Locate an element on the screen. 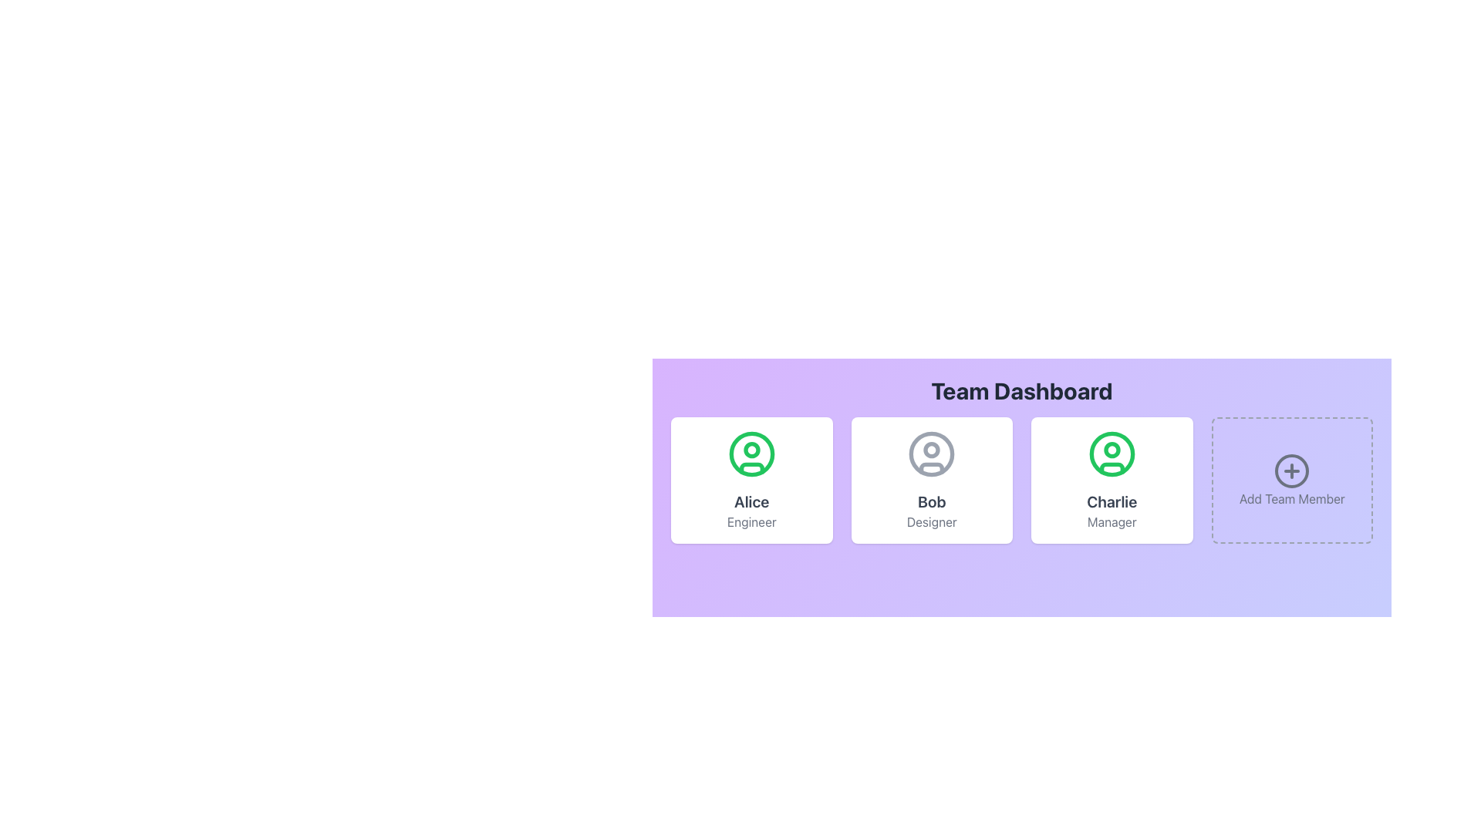  the user profile card displaying information about 'Bob', who has the title 'Designer', located in the second column of the grid layout is located at coordinates (931, 480).